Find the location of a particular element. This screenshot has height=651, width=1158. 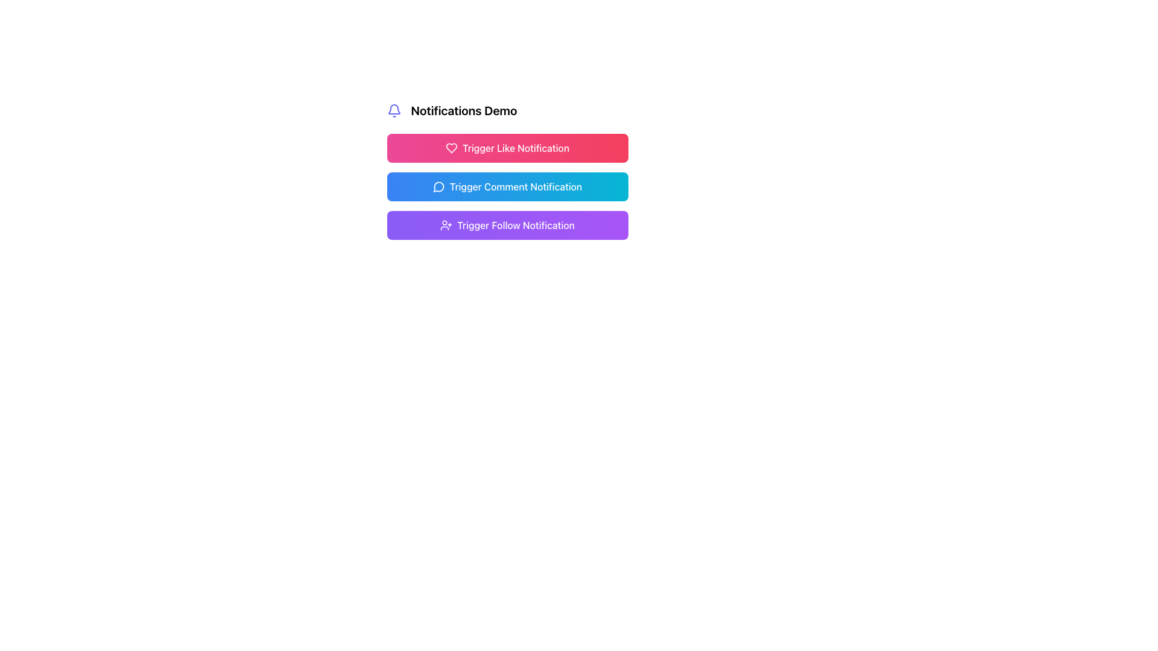

the first button in the vertical list of buttons, located to the right of the 'Notifications Demo' text and bell icon is located at coordinates (507, 148).